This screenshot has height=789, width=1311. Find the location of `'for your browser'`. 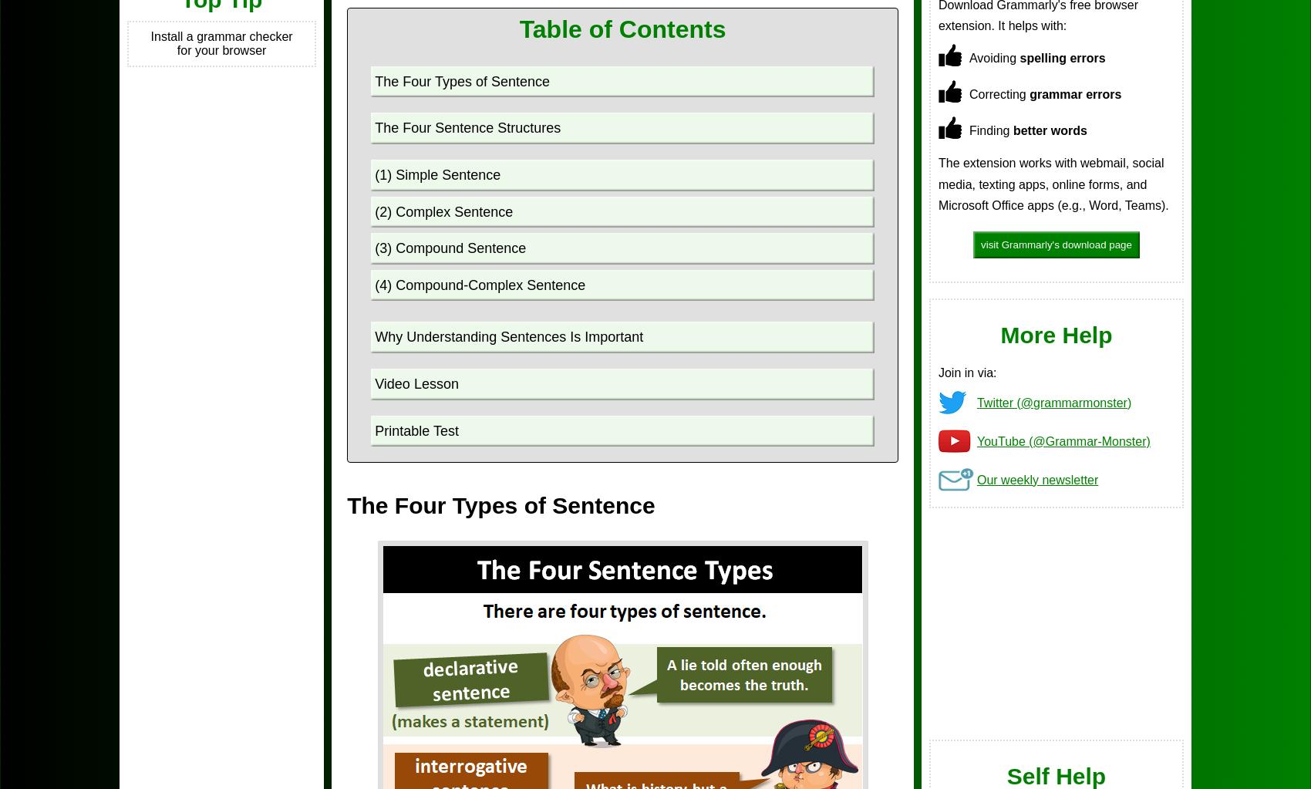

'for your browser' is located at coordinates (221, 49).